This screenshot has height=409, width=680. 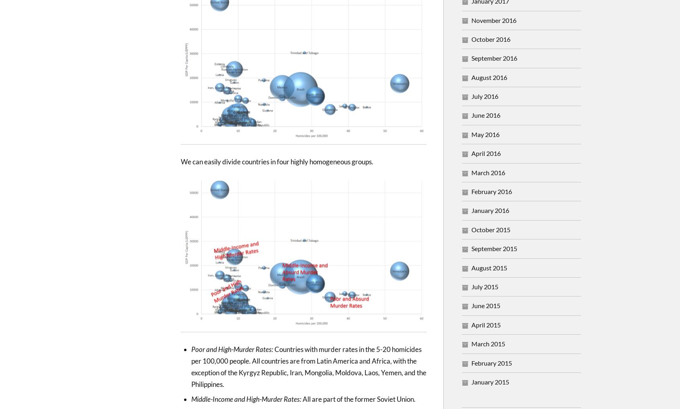 What do you see at coordinates (490, 210) in the screenshot?
I see `'January 2016'` at bounding box center [490, 210].